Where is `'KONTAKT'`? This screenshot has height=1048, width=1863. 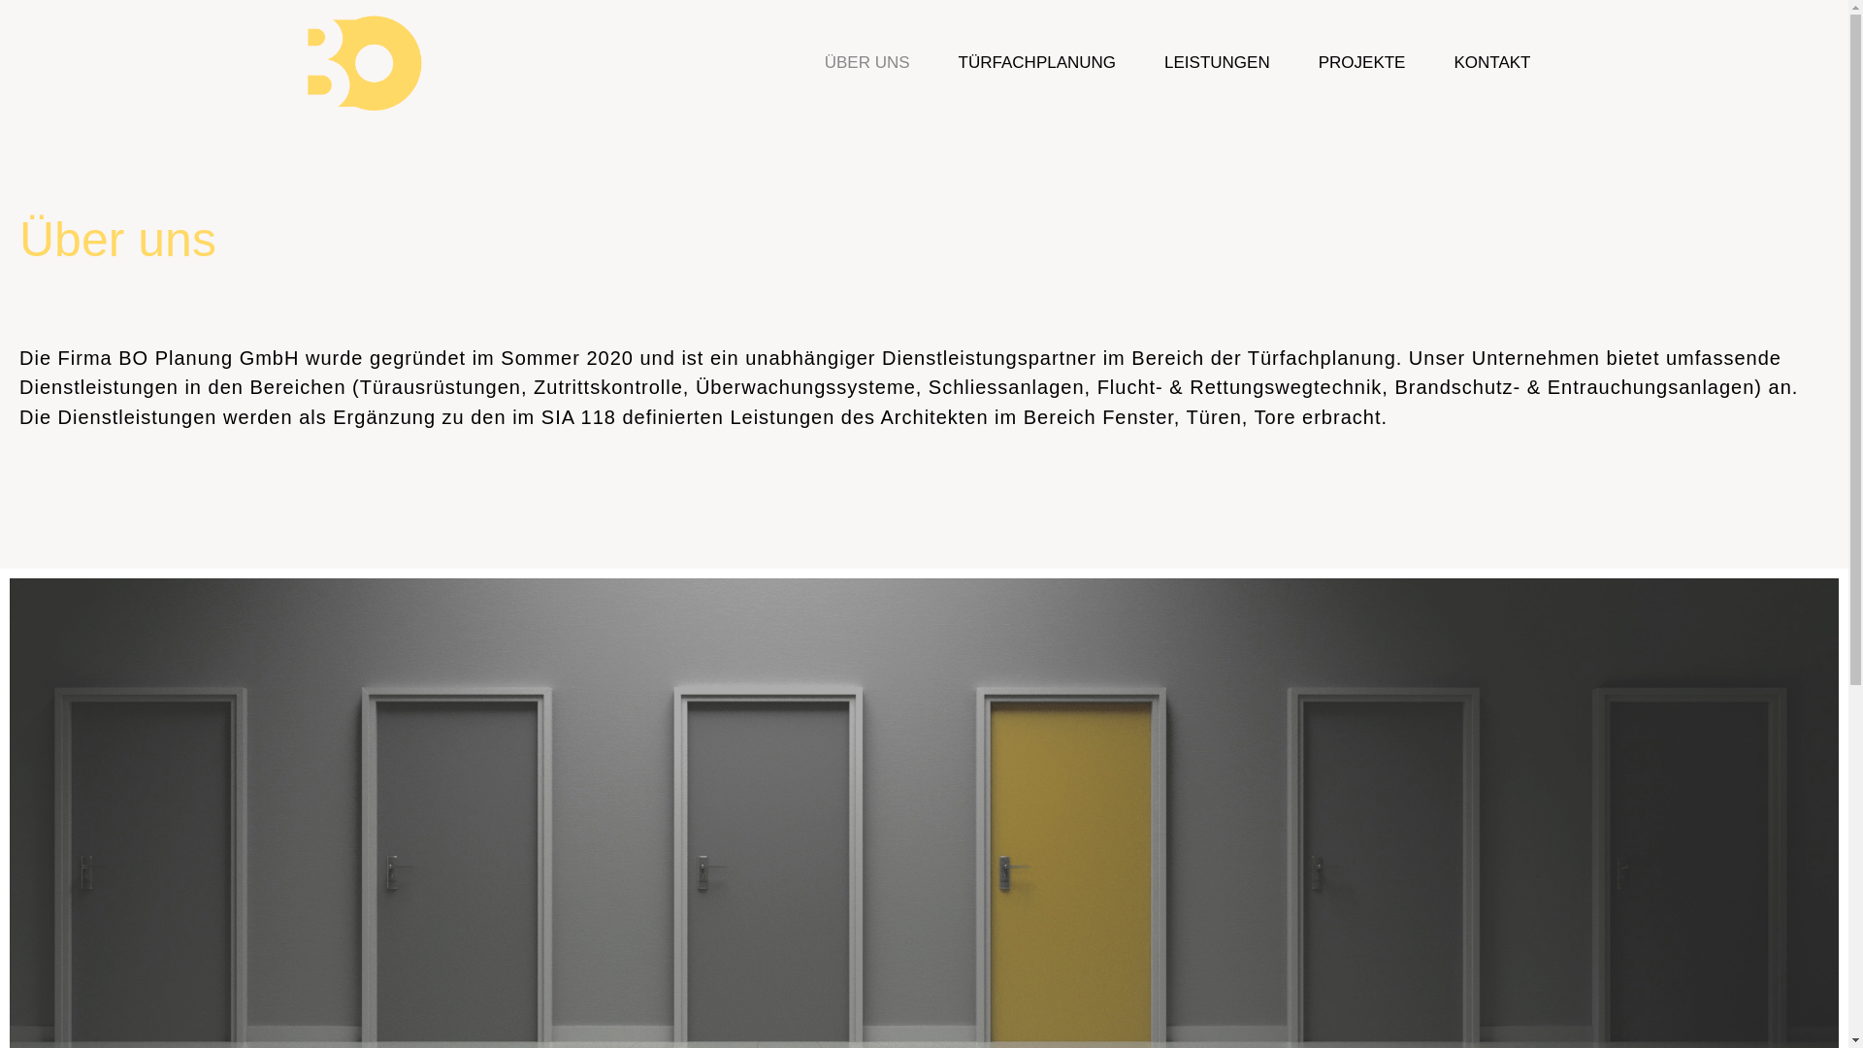
'KONTAKT' is located at coordinates (1490, 62).